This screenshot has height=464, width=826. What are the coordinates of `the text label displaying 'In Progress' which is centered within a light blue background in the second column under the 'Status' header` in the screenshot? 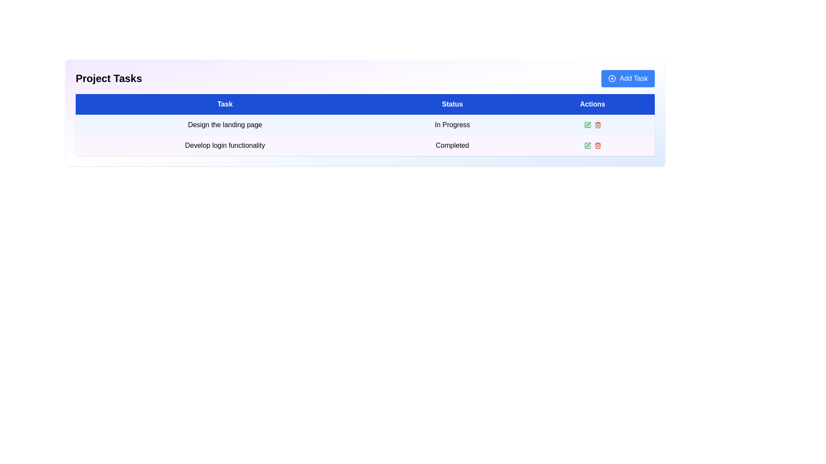 It's located at (452, 125).